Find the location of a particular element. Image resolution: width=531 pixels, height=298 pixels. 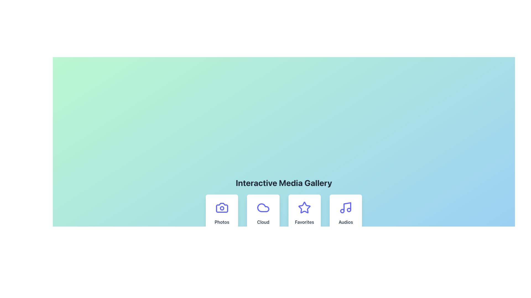

the bold text block displaying the title 'Interactive Media Gallery', which is centrally positioned above a grid of media type icons is located at coordinates (284, 183).